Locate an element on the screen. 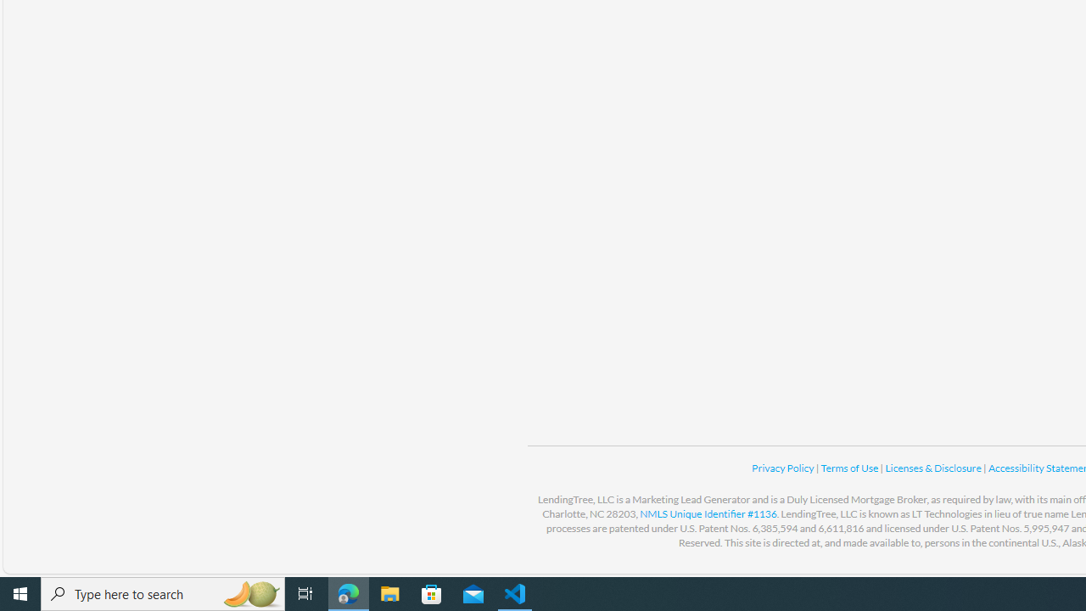 The width and height of the screenshot is (1086, 611). 'NMLS Unique Identifier #1136' is located at coordinates (708, 513).